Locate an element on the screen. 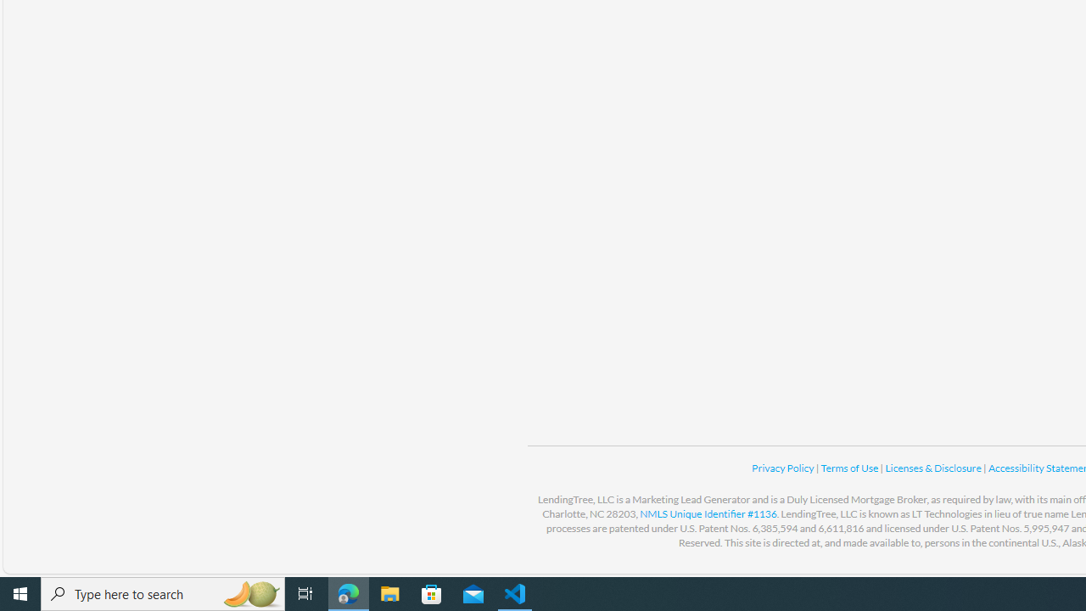 The width and height of the screenshot is (1086, 611). 'NMLS Unique Identifier #1136' is located at coordinates (708, 513).